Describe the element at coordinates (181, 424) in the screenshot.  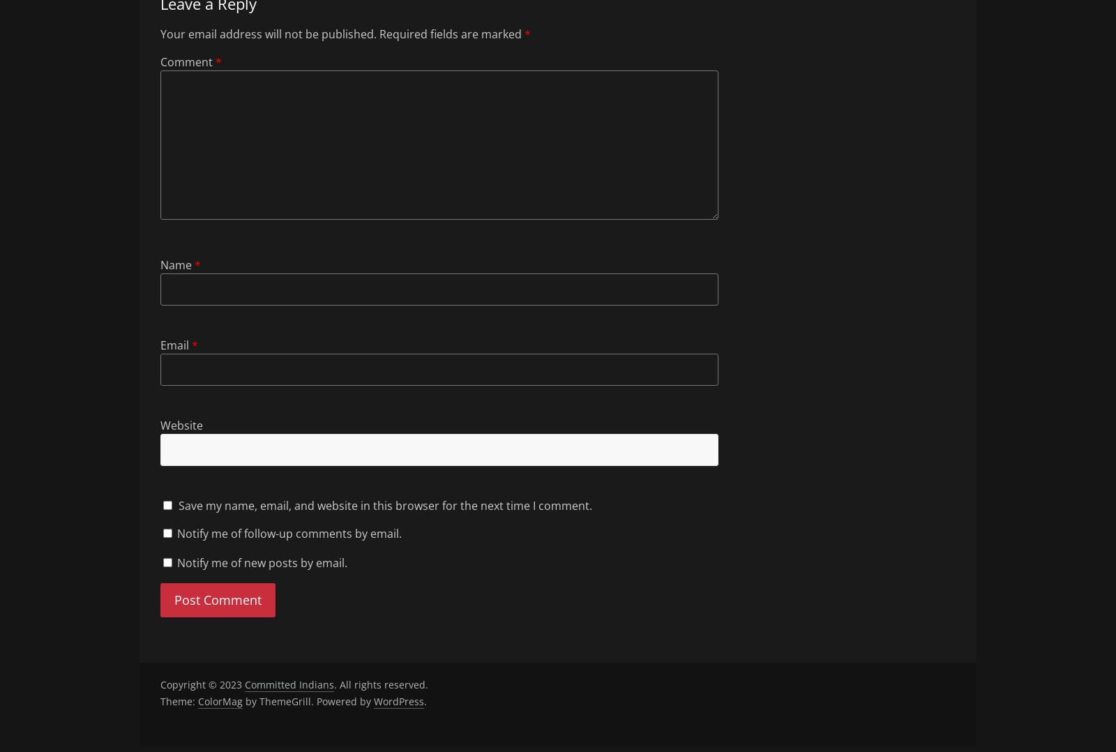
I see `'Website'` at that location.